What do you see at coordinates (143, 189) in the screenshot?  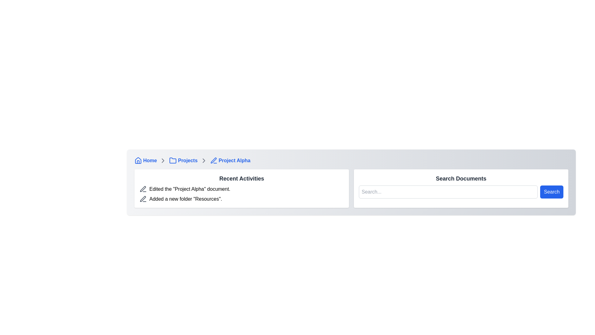 I see `the pen icon representing the edit action located in the 'Recent Activities' section adjacent to the text 'Edited the 'Project Alpha' document.'` at bounding box center [143, 189].